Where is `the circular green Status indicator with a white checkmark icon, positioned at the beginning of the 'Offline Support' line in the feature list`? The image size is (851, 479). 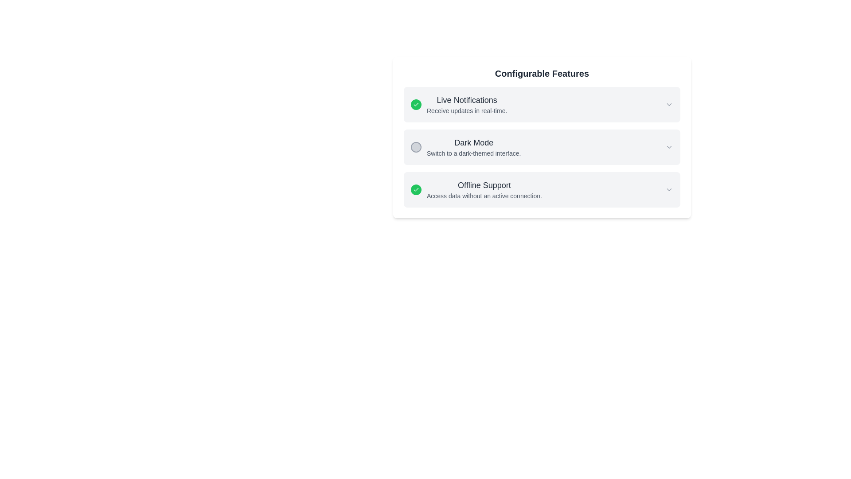 the circular green Status indicator with a white checkmark icon, positioned at the beginning of the 'Offline Support' line in the feature list is located at coordinates (416, 189).